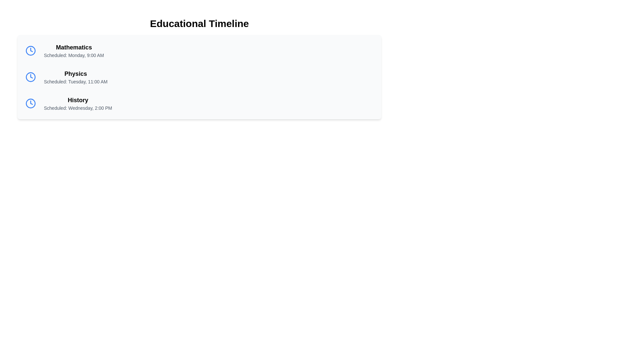 The height and width of the screenshot is (356, 634). What do you see at coordinates (30, 77) in the screenshot?
I see `the associated information of the clock icon, which is located in the second row of the timeline next to the 'Physics' text entry` at bounding box center [30, 77].